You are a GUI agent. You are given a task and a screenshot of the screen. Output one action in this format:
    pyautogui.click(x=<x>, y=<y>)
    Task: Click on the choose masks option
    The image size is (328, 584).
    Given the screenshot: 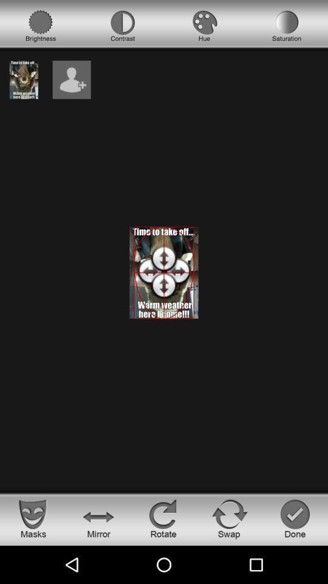 What is the action you would take?
    pyautogui.click(x=33, y=518)
    